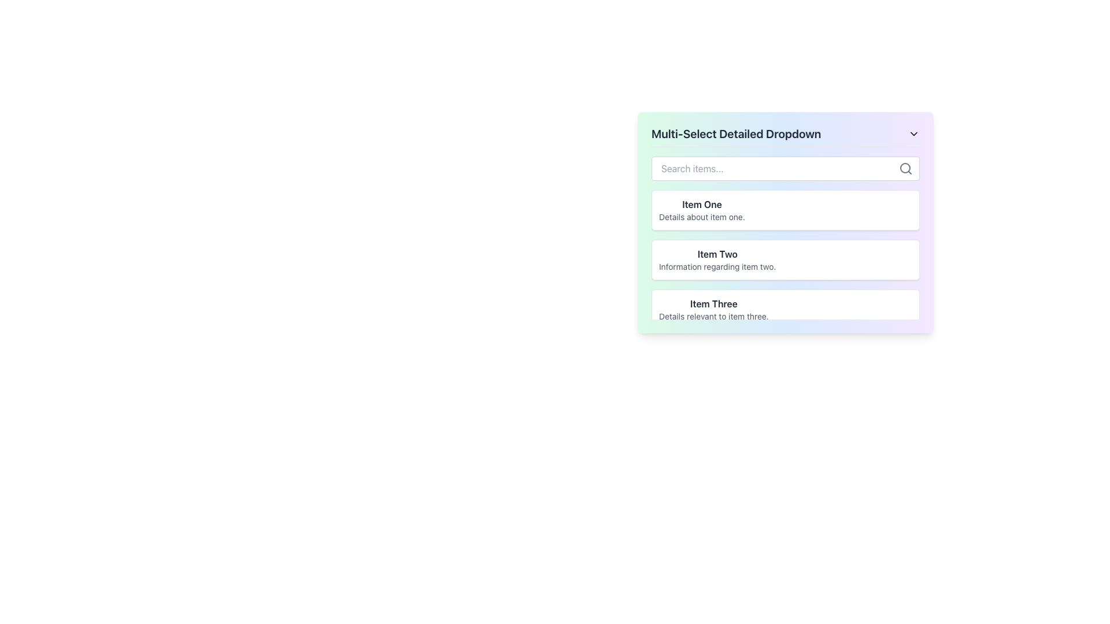 Image resolution: width=1110 pixels, height=624 pixels. What do you see at coordinates (717, 253) in the screenshot?
I see `text label 'Item Two' which is styled with a semi-bold font and dark gray color, located in the middle of the 'Multi-Select Detailed Dropdown' interface` at bounding box center [717, 253].